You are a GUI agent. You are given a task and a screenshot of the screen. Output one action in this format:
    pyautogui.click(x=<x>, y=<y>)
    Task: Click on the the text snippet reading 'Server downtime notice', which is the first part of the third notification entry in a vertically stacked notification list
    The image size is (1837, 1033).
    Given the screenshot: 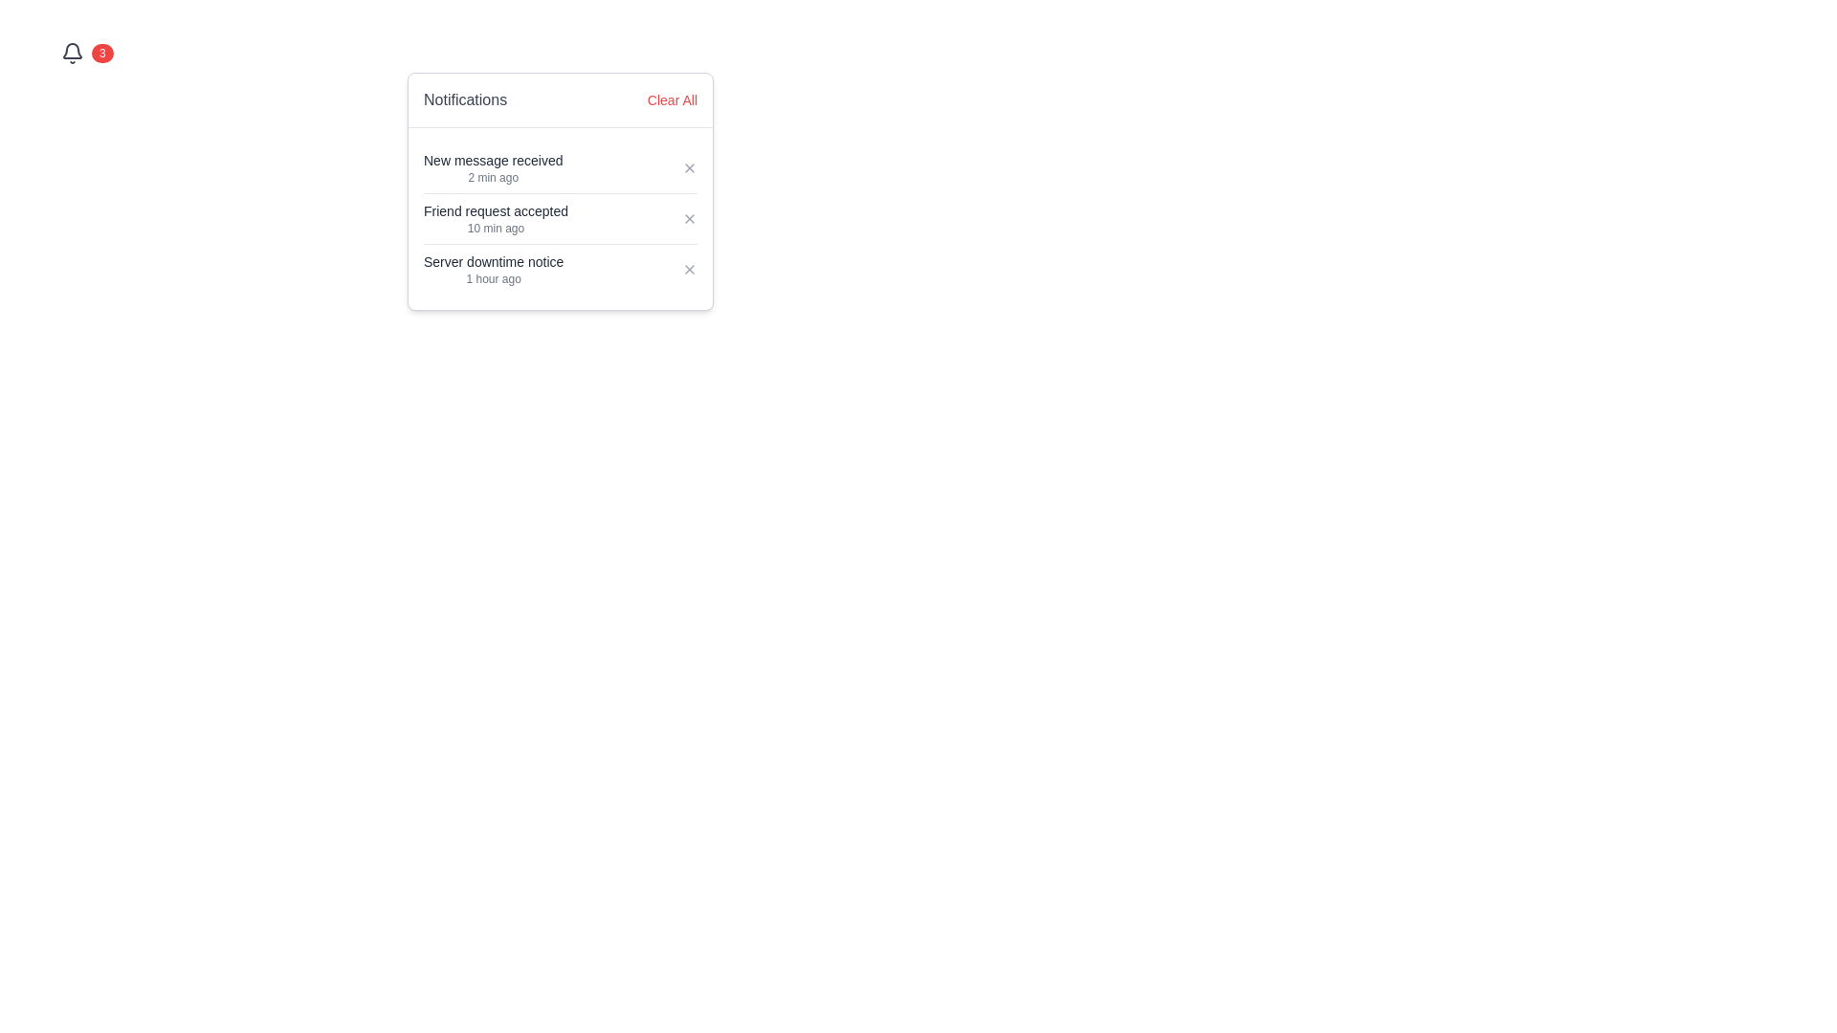 What is the action you would take?
    pyautogui.click(x=494, y=261)
    